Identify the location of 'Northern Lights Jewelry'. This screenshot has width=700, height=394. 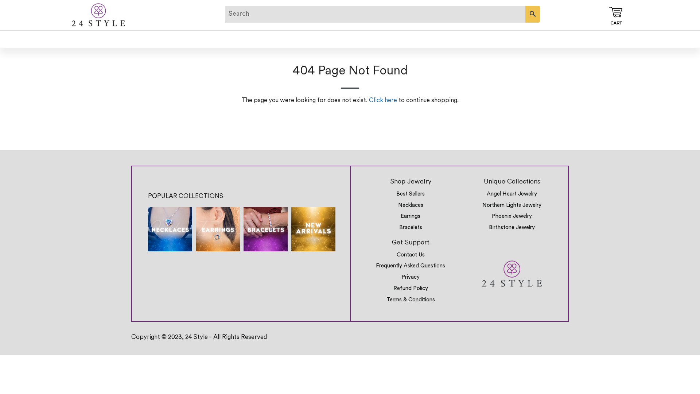
(511, 205).